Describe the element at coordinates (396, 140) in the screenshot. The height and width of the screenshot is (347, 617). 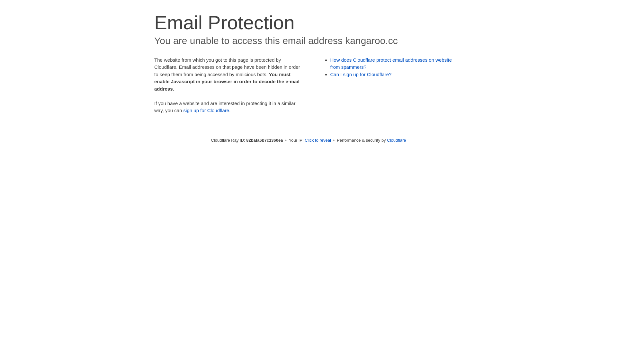
I see `'Cloudflare'` at that location.